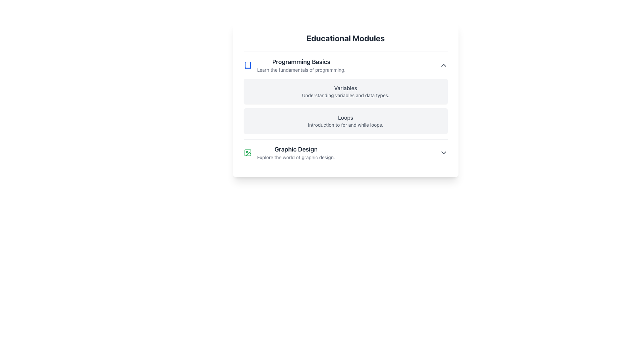 This screenshot has width=644, height=362. I want to click on supplementary descriptive information provided by the Plain text element about the 'Programming Basics' module, which is located centrally beneath the title, so click(301, 70).